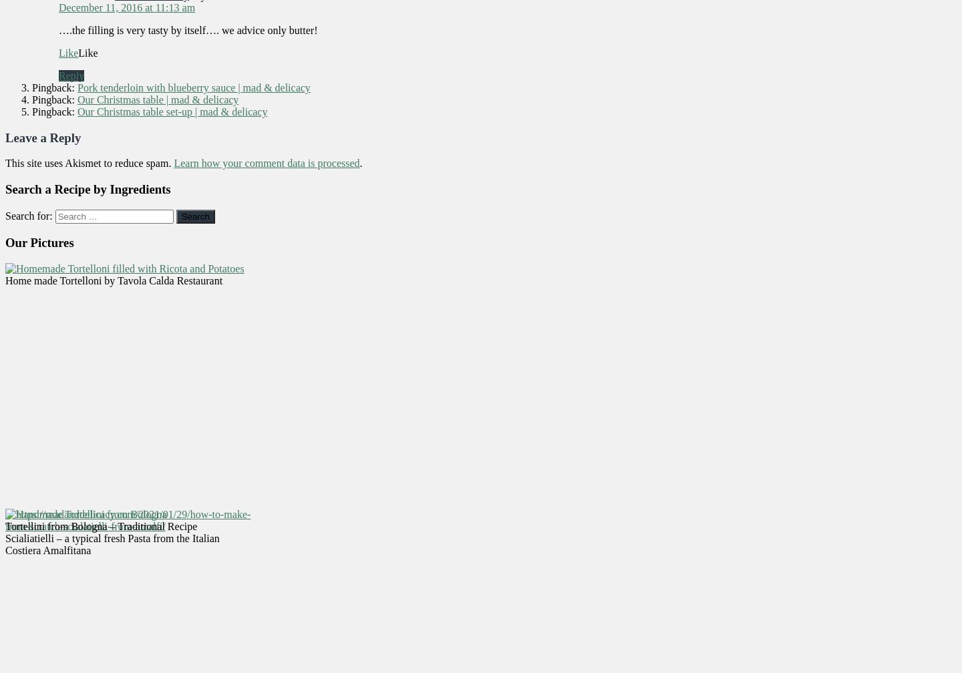  What do you see at coordinates (100, 526) in the screenshot?
I see `'Tortellini from Bologna – Traditional Recipe'` at bounding box center [100, 526].